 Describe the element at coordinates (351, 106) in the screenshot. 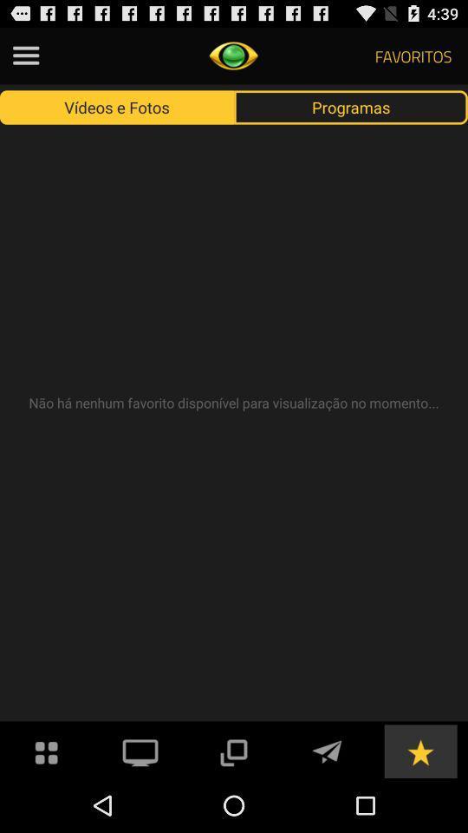

I see `programas button` at that location.